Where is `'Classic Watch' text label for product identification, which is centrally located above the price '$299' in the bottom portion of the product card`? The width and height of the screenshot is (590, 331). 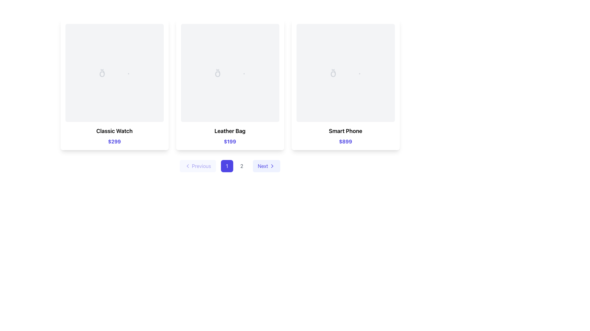
'Classic Watch' text label for product identification, which is centrally located above the price '$299' in the bottom portion of the product card is located at coordinates (114, 131).